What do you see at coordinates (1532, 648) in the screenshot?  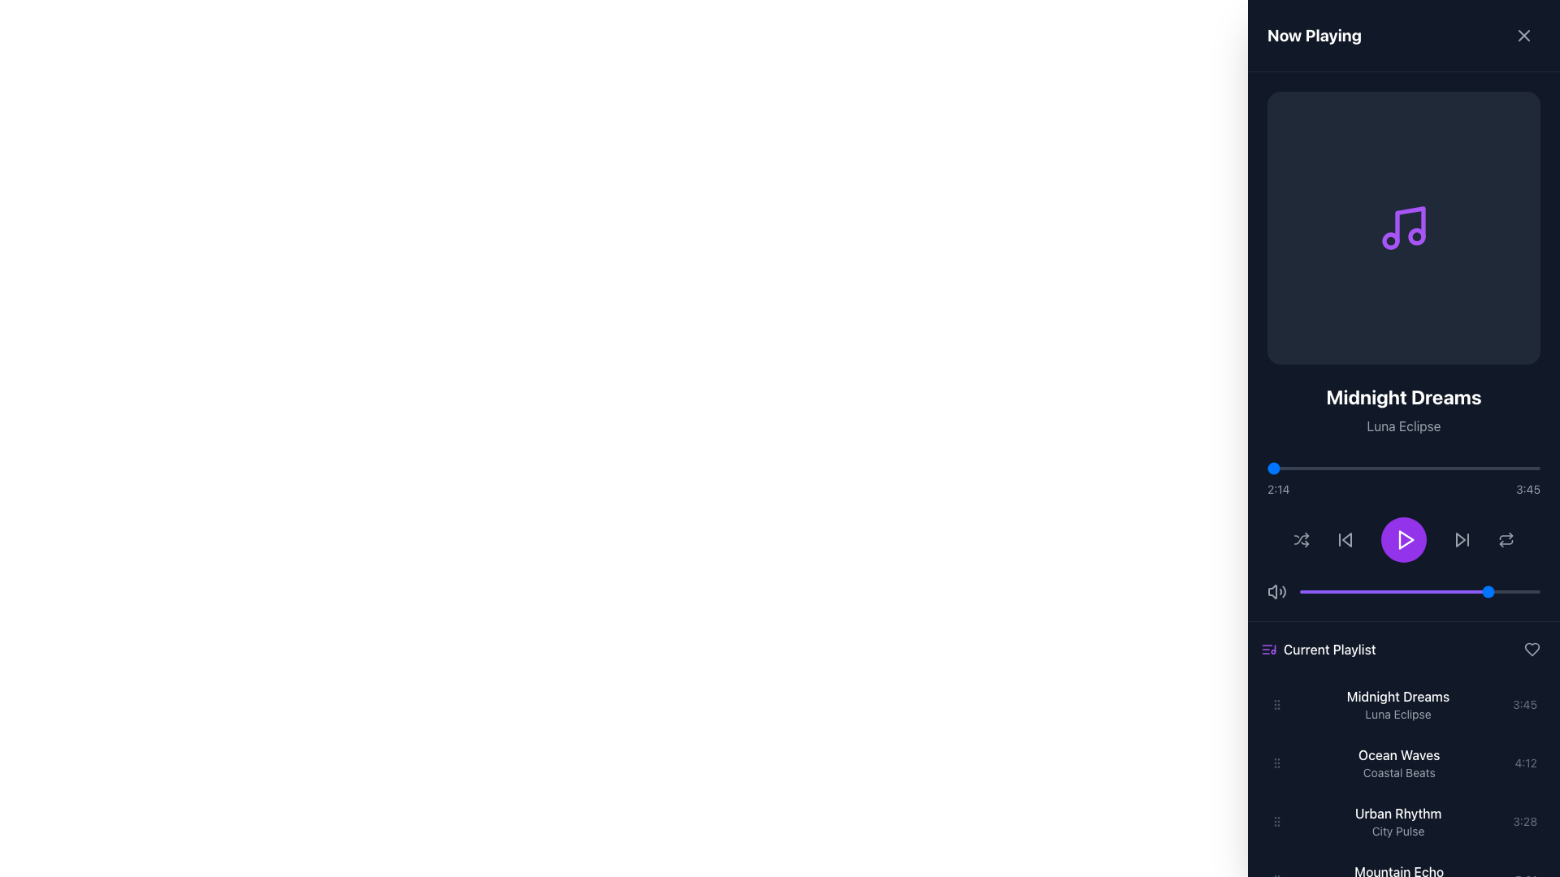 I see `the heart icon in the 'Current Playlist' section` at bounding box center [1532, 648].